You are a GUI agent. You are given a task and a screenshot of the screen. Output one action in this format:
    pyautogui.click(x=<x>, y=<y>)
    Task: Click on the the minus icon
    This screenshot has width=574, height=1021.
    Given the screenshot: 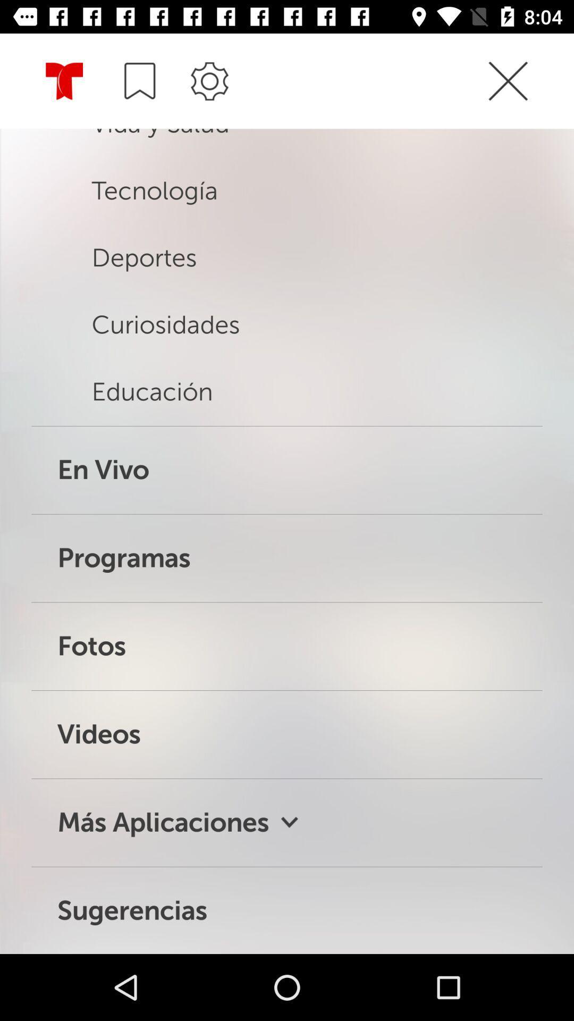 What is the action you would take?
    pyautogui.click(x=139, y=80)
    